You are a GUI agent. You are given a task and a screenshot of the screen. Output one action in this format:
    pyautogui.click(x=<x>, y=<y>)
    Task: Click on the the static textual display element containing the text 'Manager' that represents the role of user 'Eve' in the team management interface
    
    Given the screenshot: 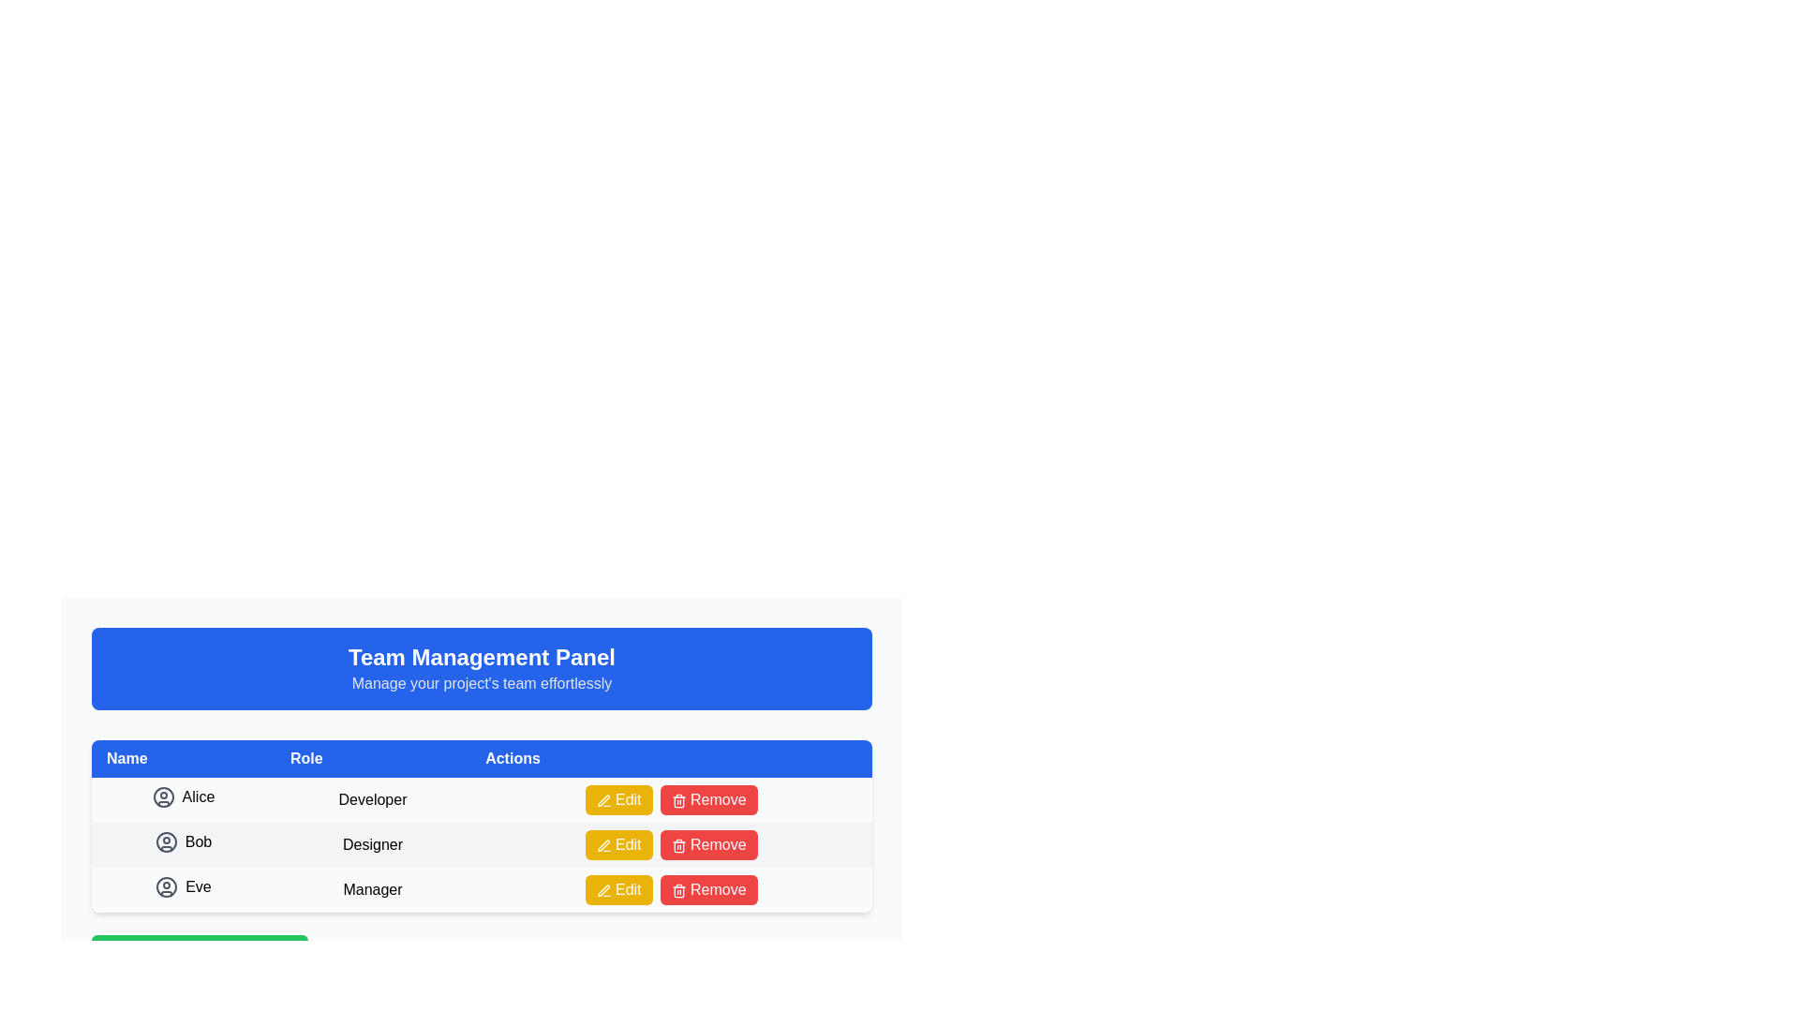 What is the action you would take?
    pyautogui.click(x=373, y=888)
    